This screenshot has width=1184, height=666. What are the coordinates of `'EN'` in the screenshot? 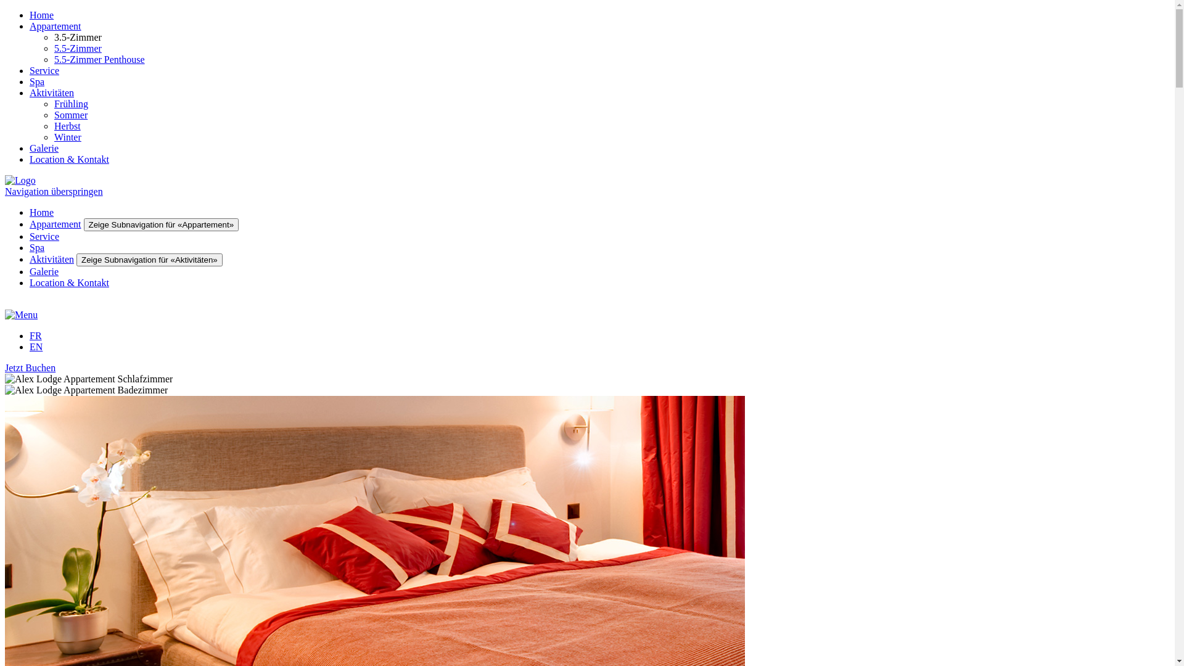 It's located at (36, 347).